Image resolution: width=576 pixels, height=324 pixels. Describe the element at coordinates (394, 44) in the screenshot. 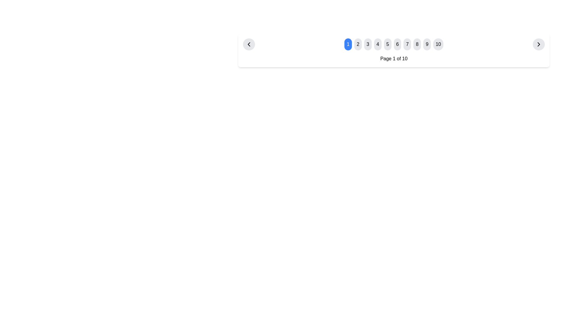

I see `the sixth numbered button that allows navigation to the sixth page` at that location.